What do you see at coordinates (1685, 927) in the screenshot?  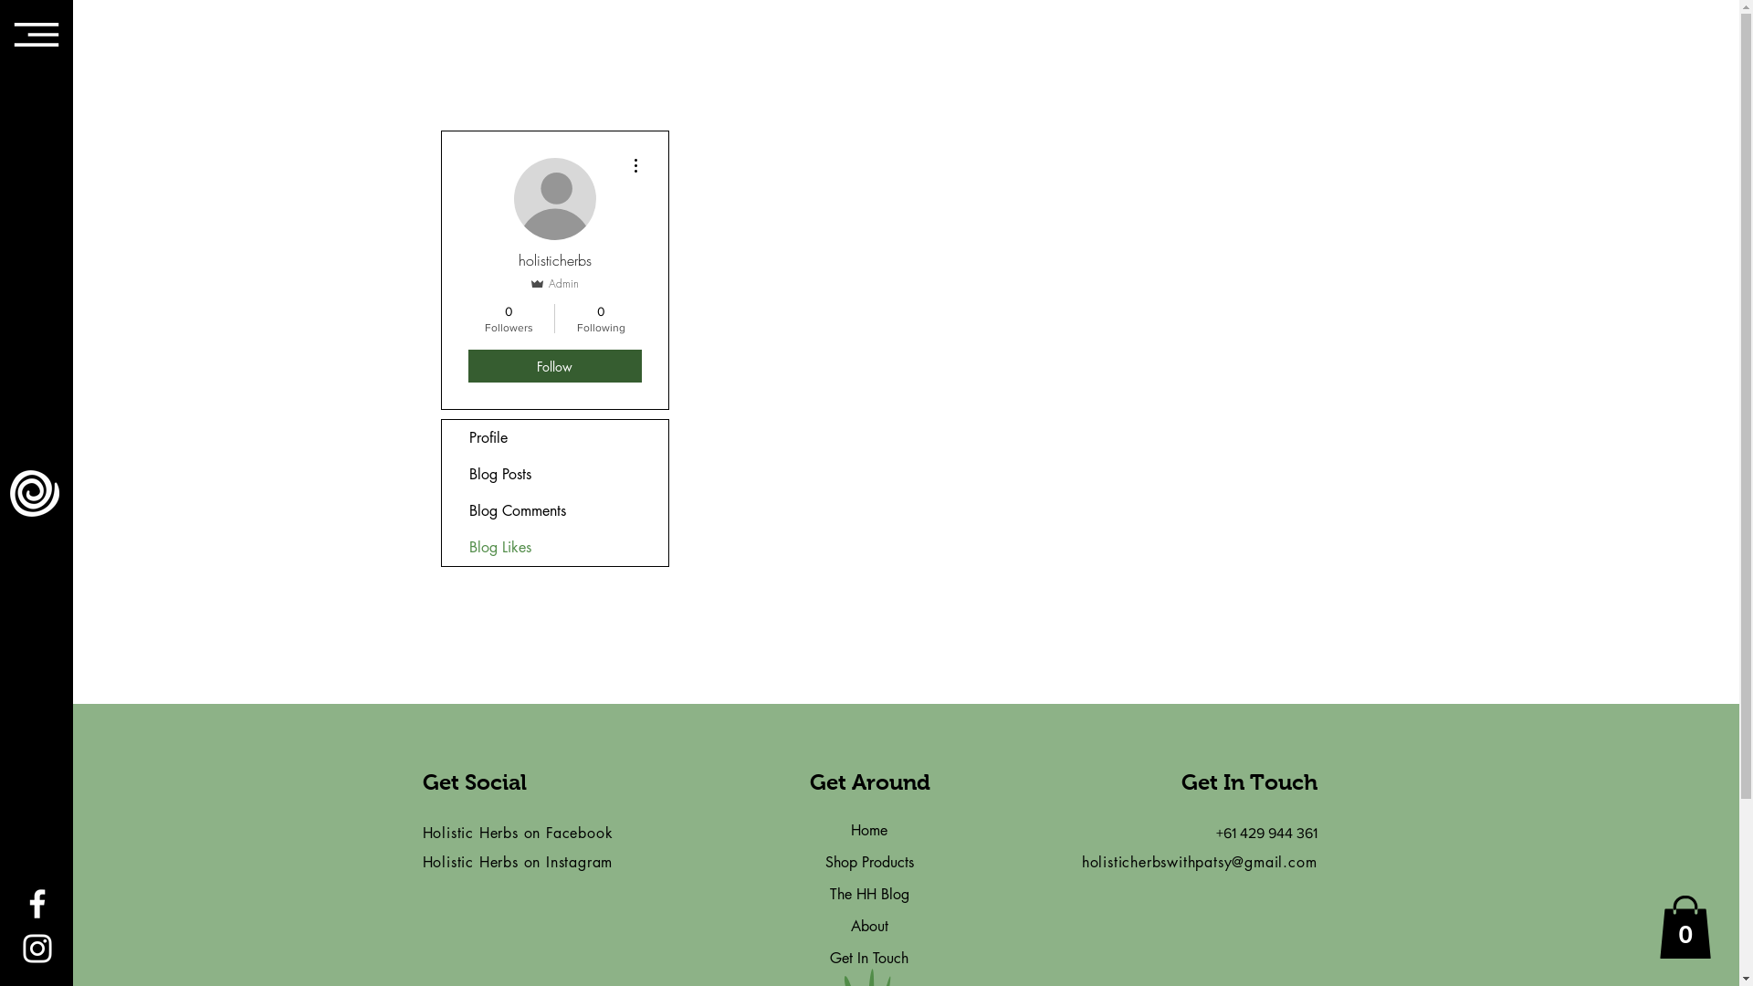 I see `'0'` at bounding box center [1685, 927].